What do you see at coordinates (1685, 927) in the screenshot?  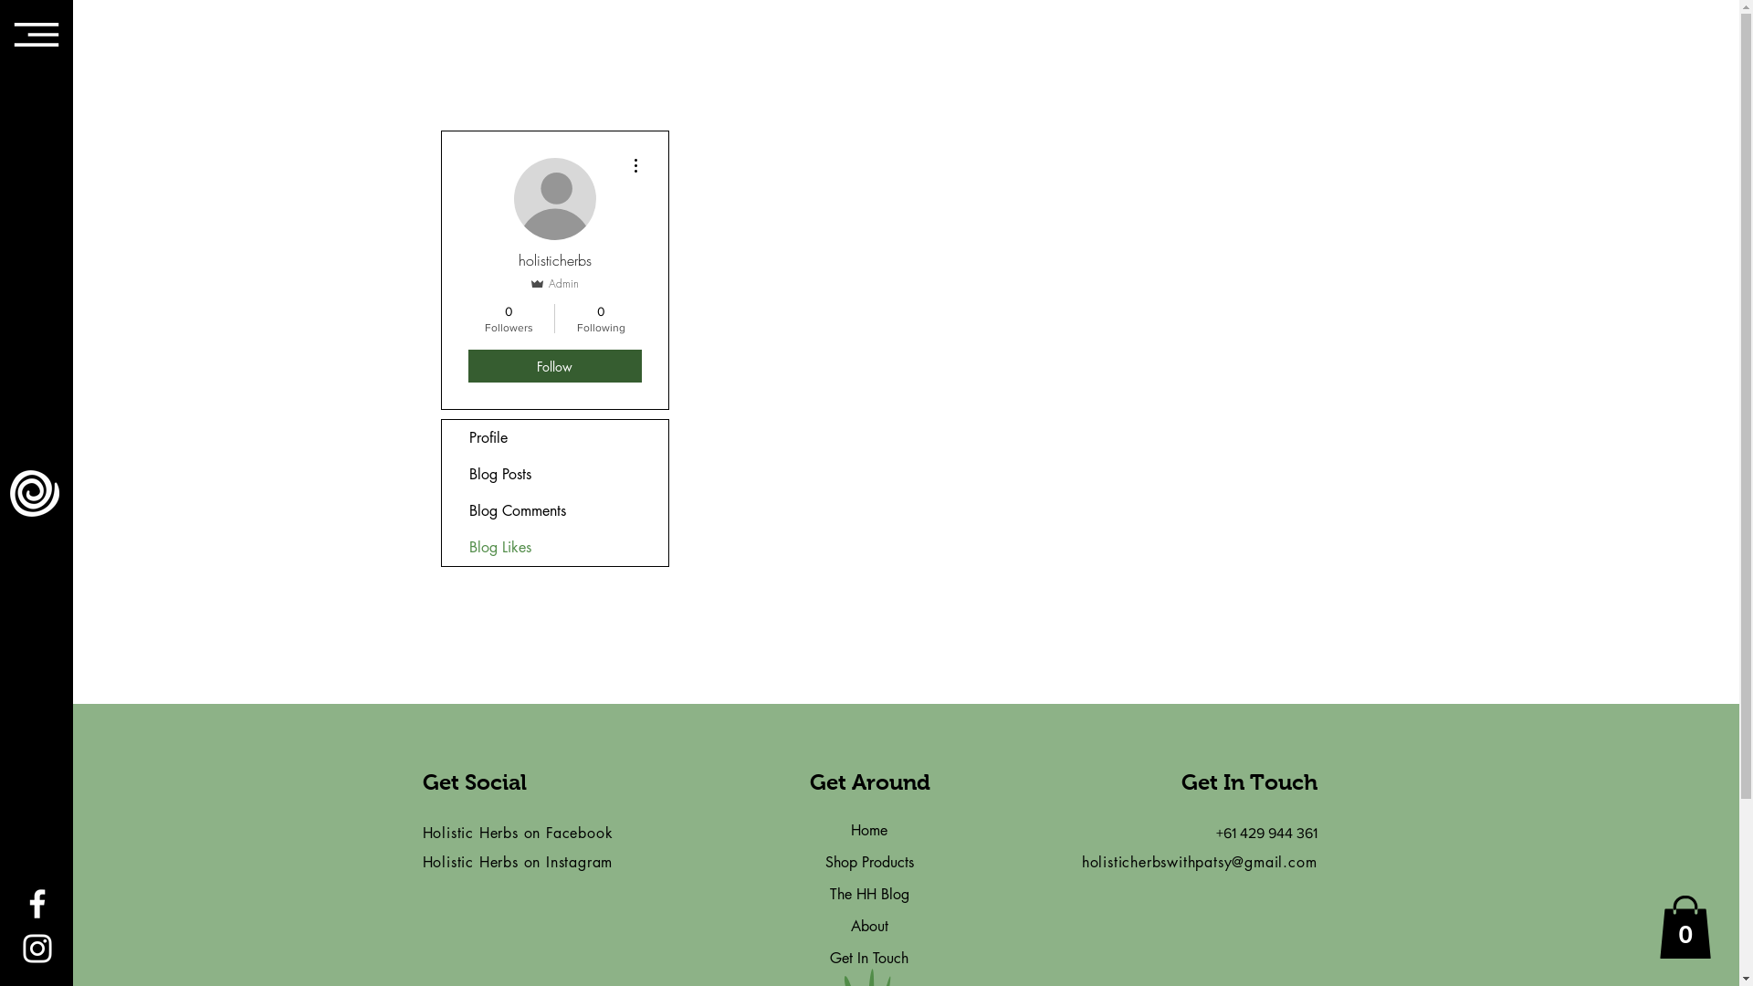 I see `'0'` at bounding box center [1685, 927].